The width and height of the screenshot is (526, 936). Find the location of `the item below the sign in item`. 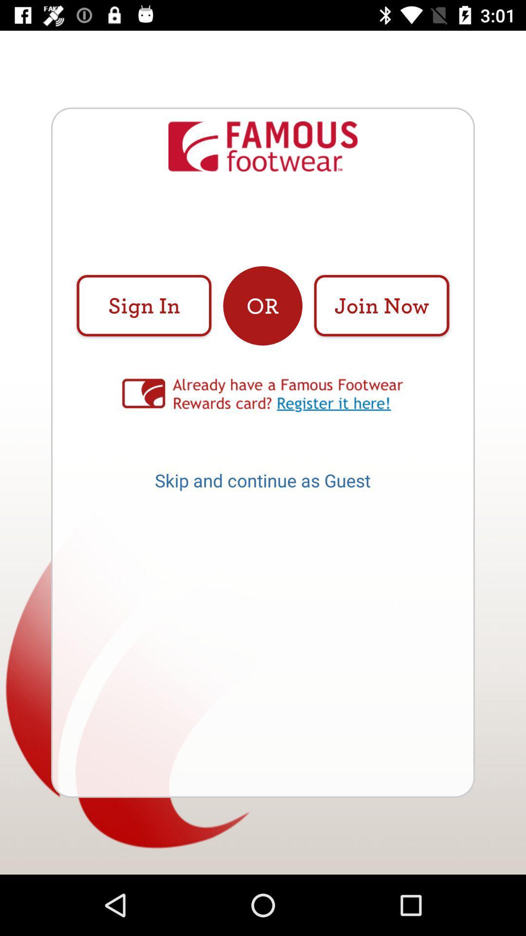

the item below the sign in item is located at coordinates (263, 395).